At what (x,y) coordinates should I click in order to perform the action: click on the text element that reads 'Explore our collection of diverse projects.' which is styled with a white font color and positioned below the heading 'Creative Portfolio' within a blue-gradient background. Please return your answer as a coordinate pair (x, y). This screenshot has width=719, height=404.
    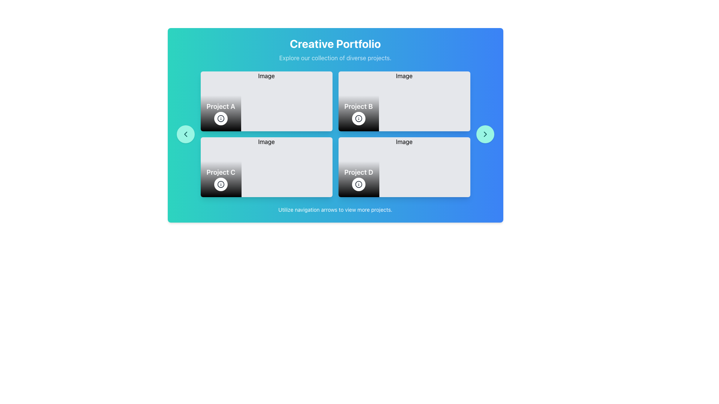
    Looking at the image, I should click on (335, 57).